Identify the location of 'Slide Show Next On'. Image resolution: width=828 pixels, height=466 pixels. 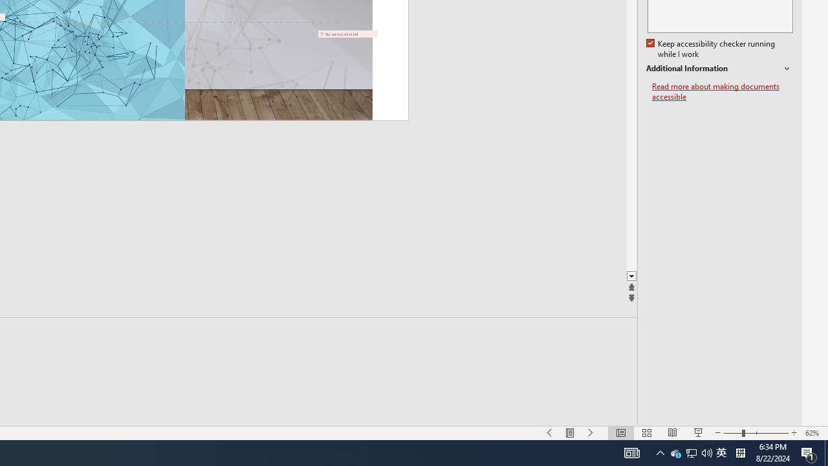
(591, 433).